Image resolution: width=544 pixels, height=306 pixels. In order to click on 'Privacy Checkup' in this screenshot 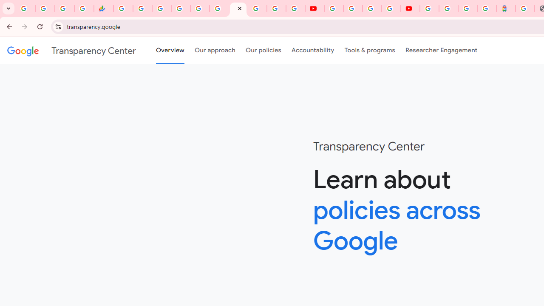, I will do `click(295, 8)`.